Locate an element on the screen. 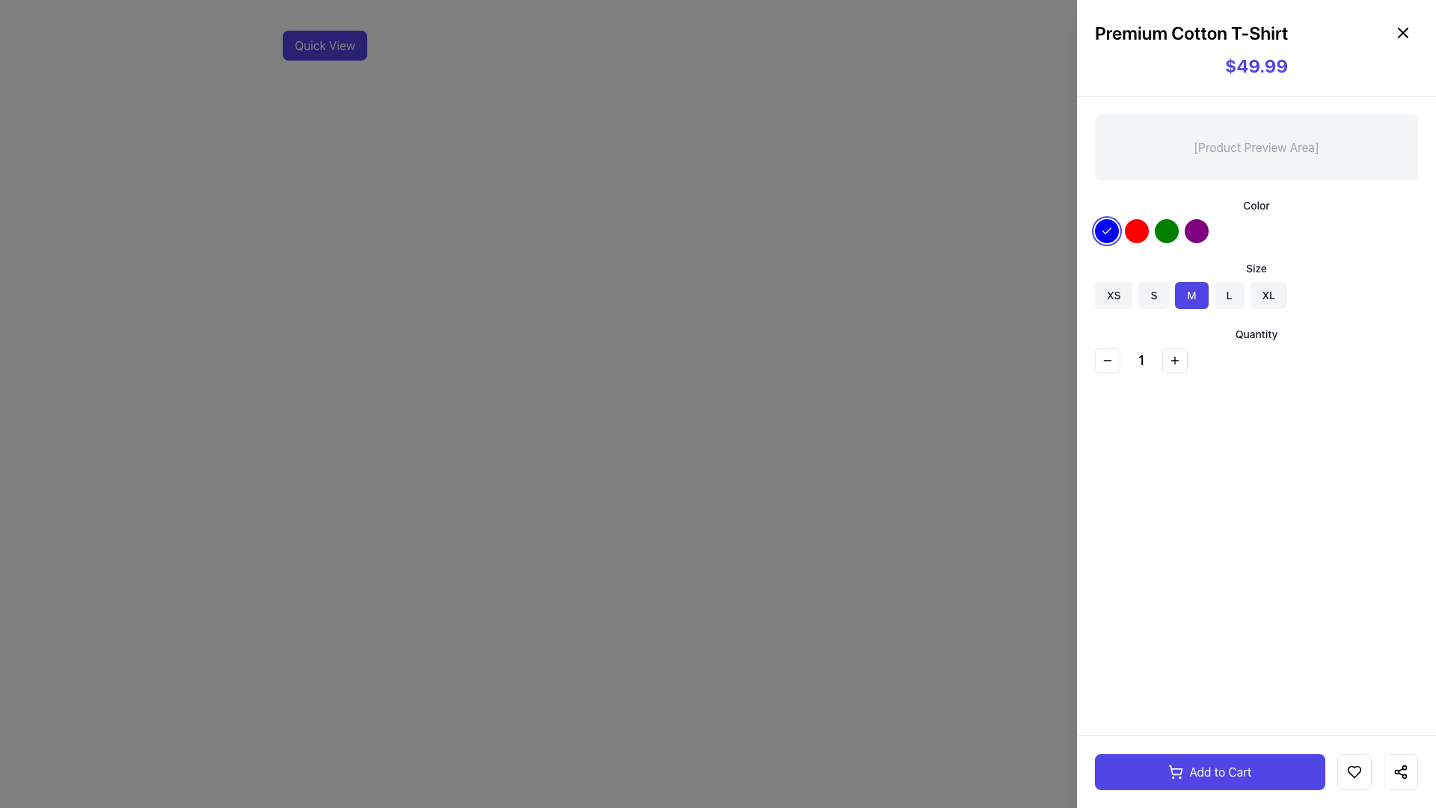 The height and width of the screenshot is (808, 1436). the minimalist outline heart icon located at the bottom-right corner, to the left of the share icon and to the right of the 'Add to Cart' button, to mark an item as a favorite is located at coordinates (1354, 772).